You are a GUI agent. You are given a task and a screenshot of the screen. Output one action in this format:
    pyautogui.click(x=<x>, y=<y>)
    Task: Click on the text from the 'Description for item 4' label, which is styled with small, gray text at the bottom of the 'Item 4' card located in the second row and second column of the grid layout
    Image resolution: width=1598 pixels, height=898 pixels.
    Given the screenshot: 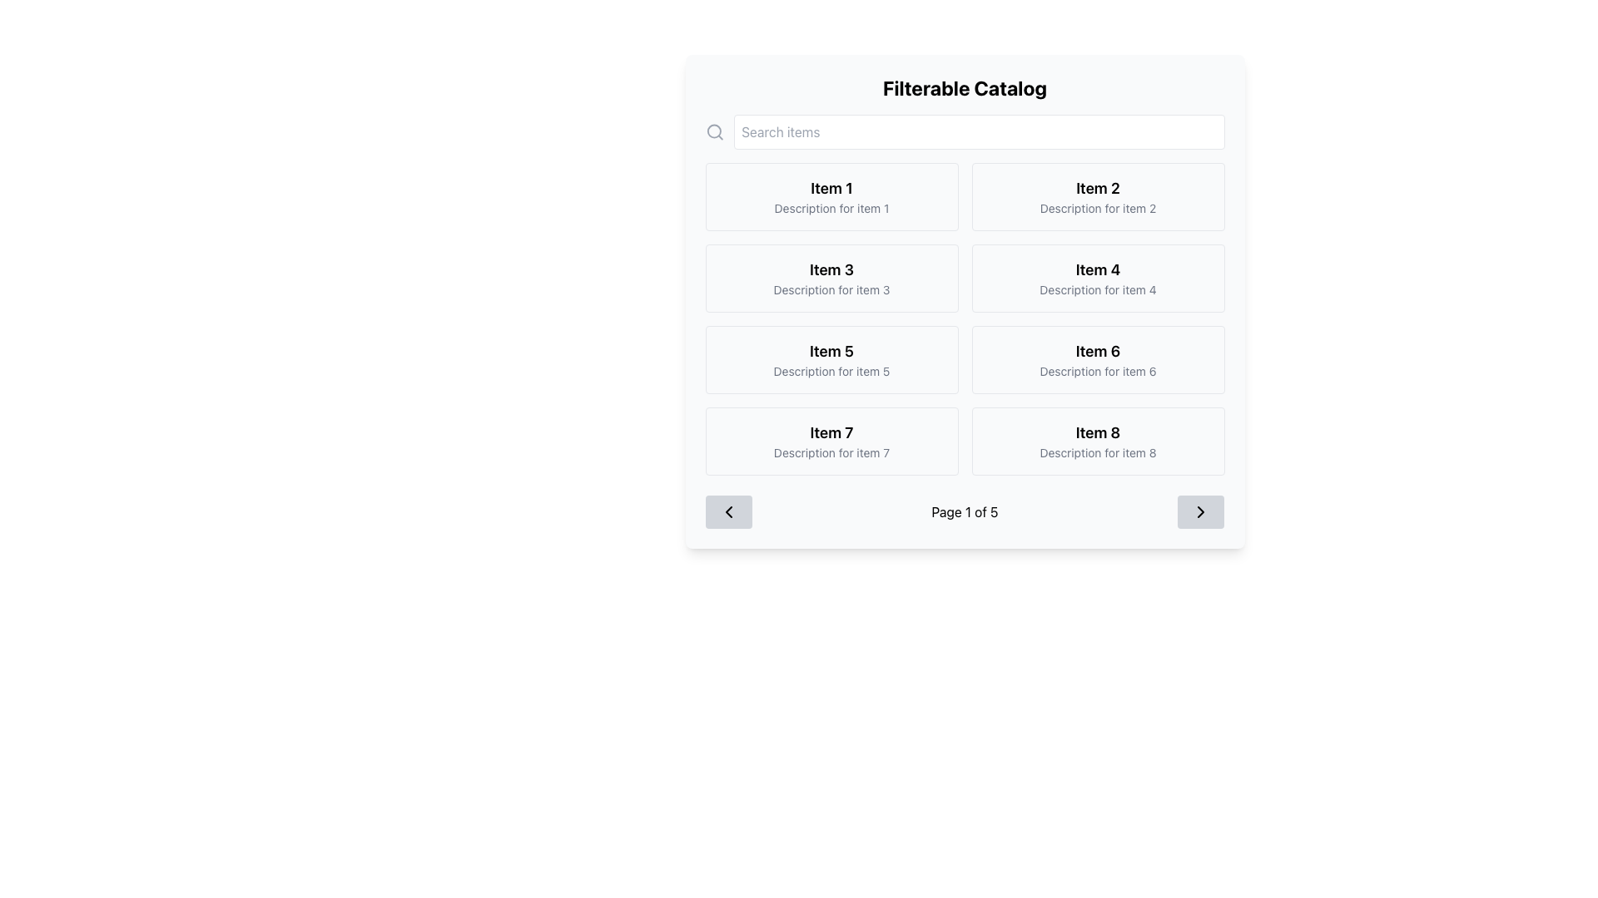 What is the action you would take?
    pyautogui.click(x=1098, y=289)
    